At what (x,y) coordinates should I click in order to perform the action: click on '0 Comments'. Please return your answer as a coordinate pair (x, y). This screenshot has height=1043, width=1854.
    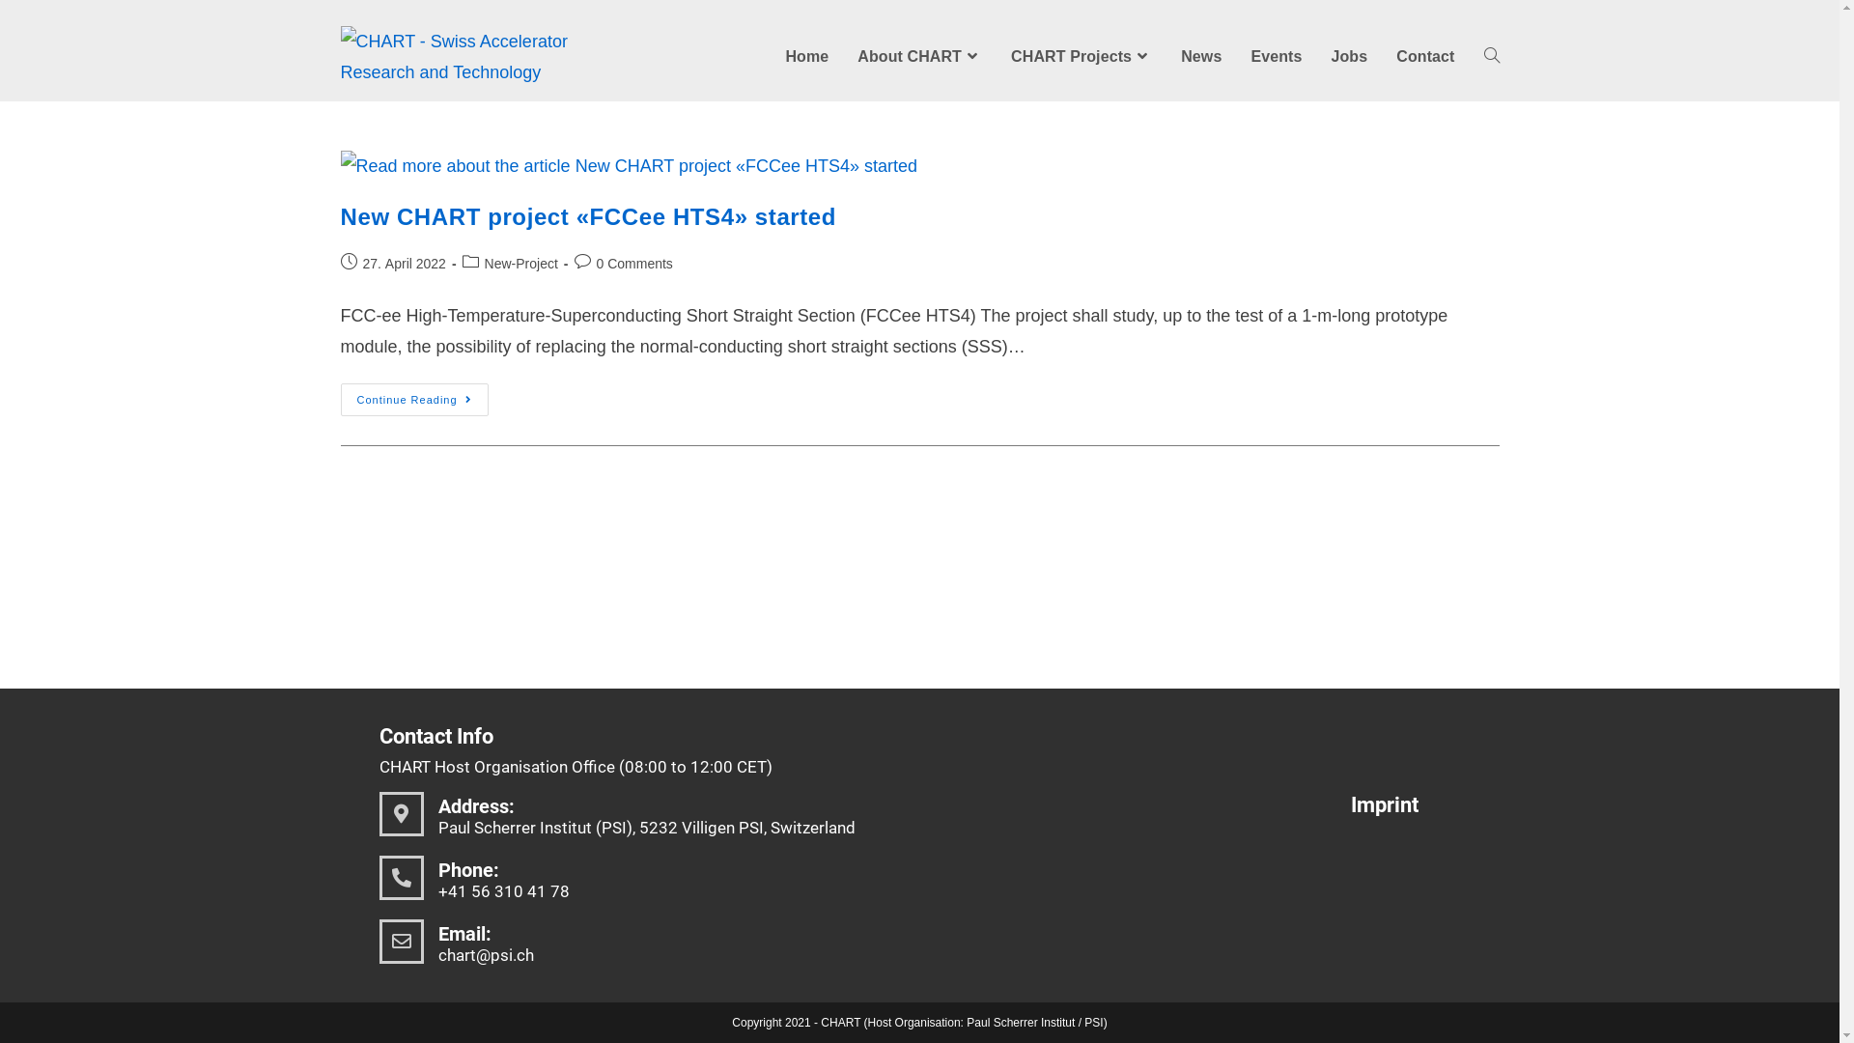
    Looking at the image, I should click on (634, 264).